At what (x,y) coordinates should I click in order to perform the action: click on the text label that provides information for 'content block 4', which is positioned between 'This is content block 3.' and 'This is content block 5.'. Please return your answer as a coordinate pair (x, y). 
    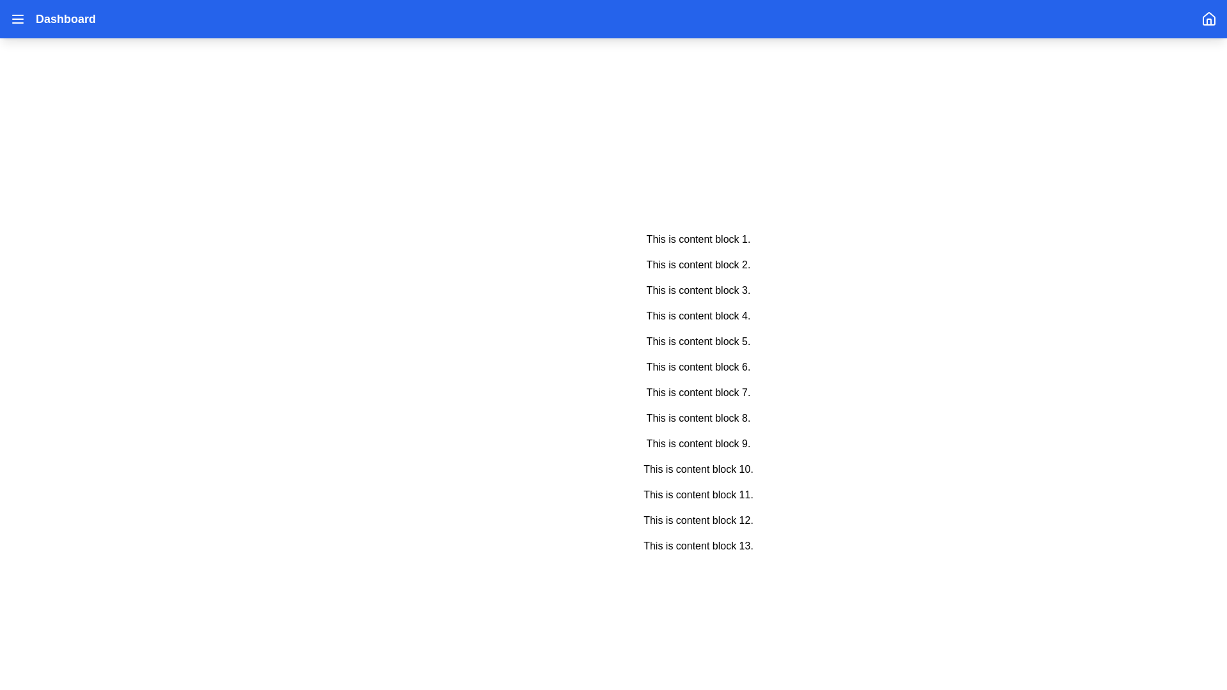
    Looking at the image, I should click on (698, 316).